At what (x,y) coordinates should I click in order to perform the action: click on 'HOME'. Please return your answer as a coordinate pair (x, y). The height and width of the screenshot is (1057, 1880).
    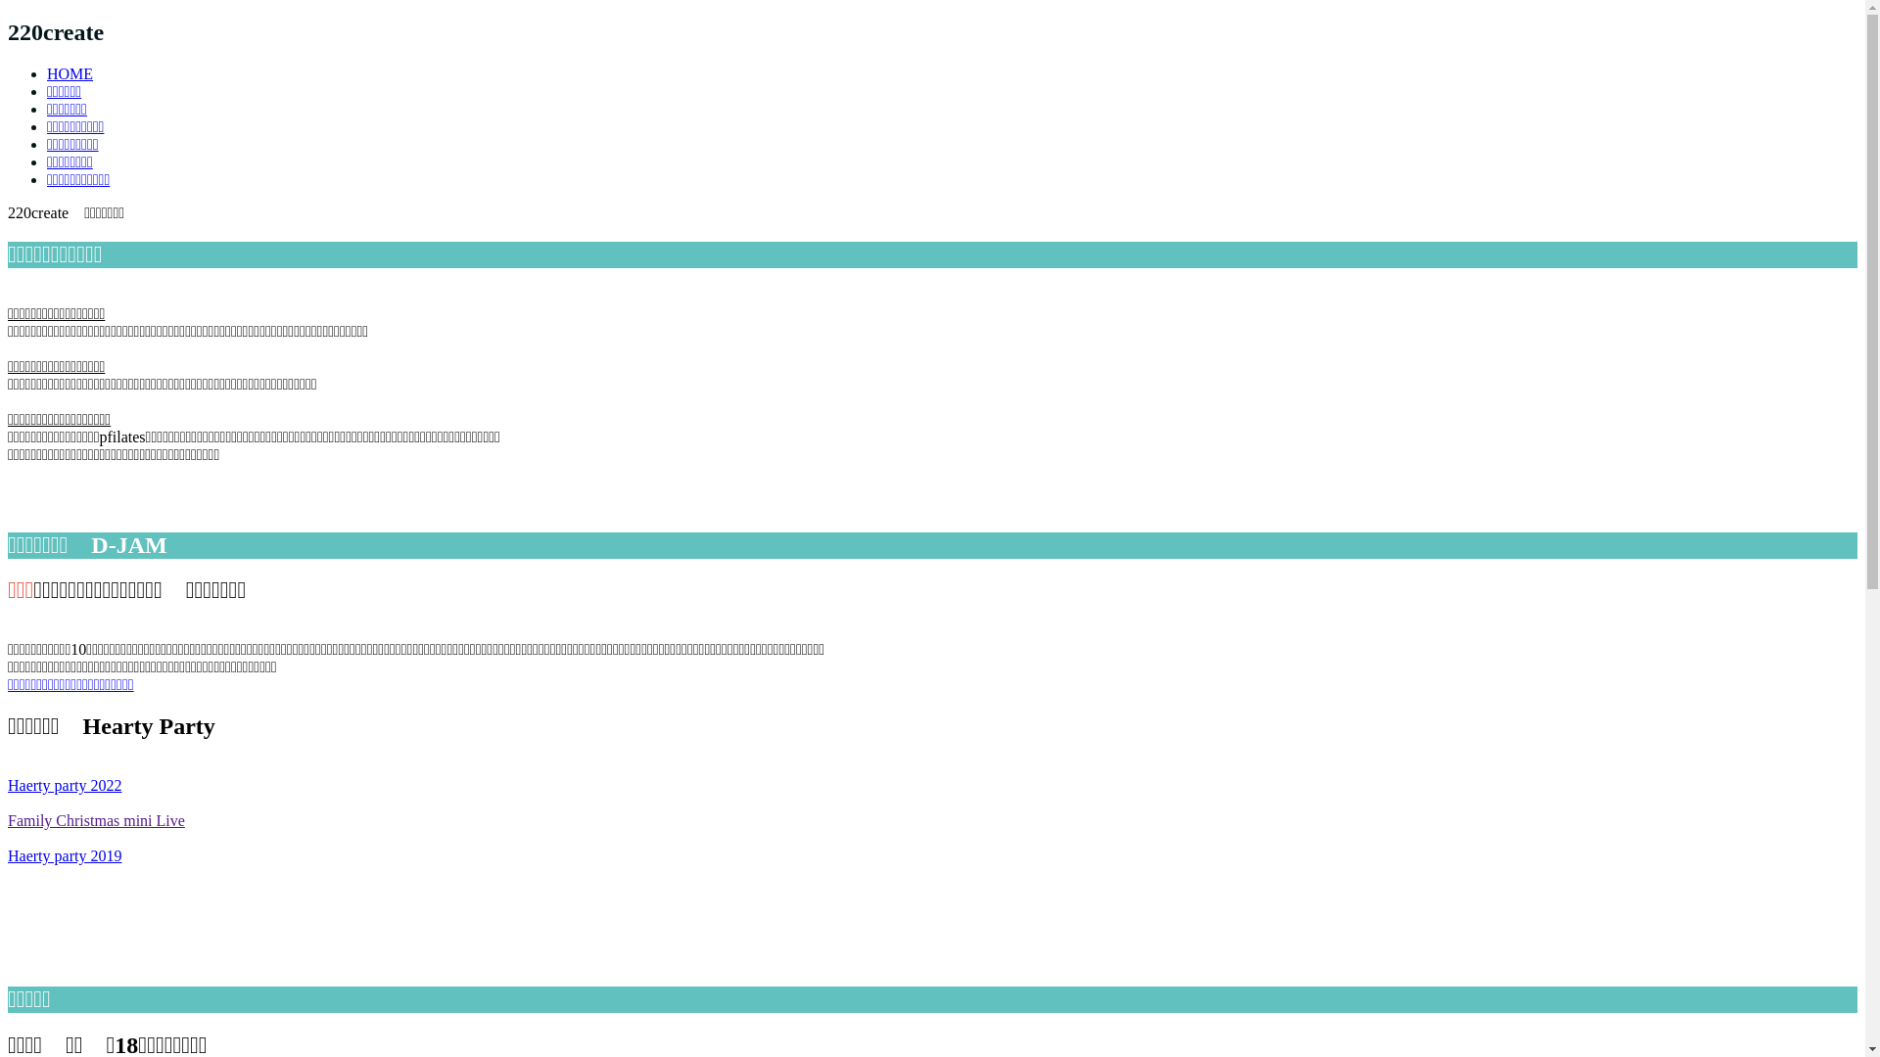
    Looking at the image, I should click on (70, 72).